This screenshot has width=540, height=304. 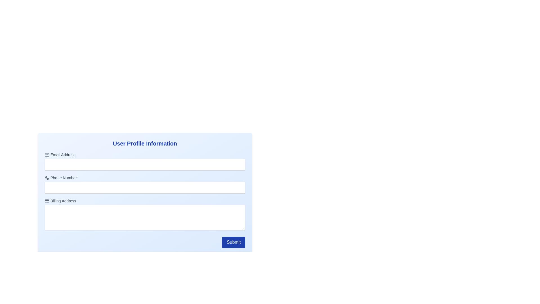 What do you see at coordinates (47, 178) in the screenshot?
I see `the wireframe-style phone icon located next to the 'Phone Number' label in the user profile form, which is positioned to the left of the label and below the 'Email Address' field` at bounding box center [47, 178].